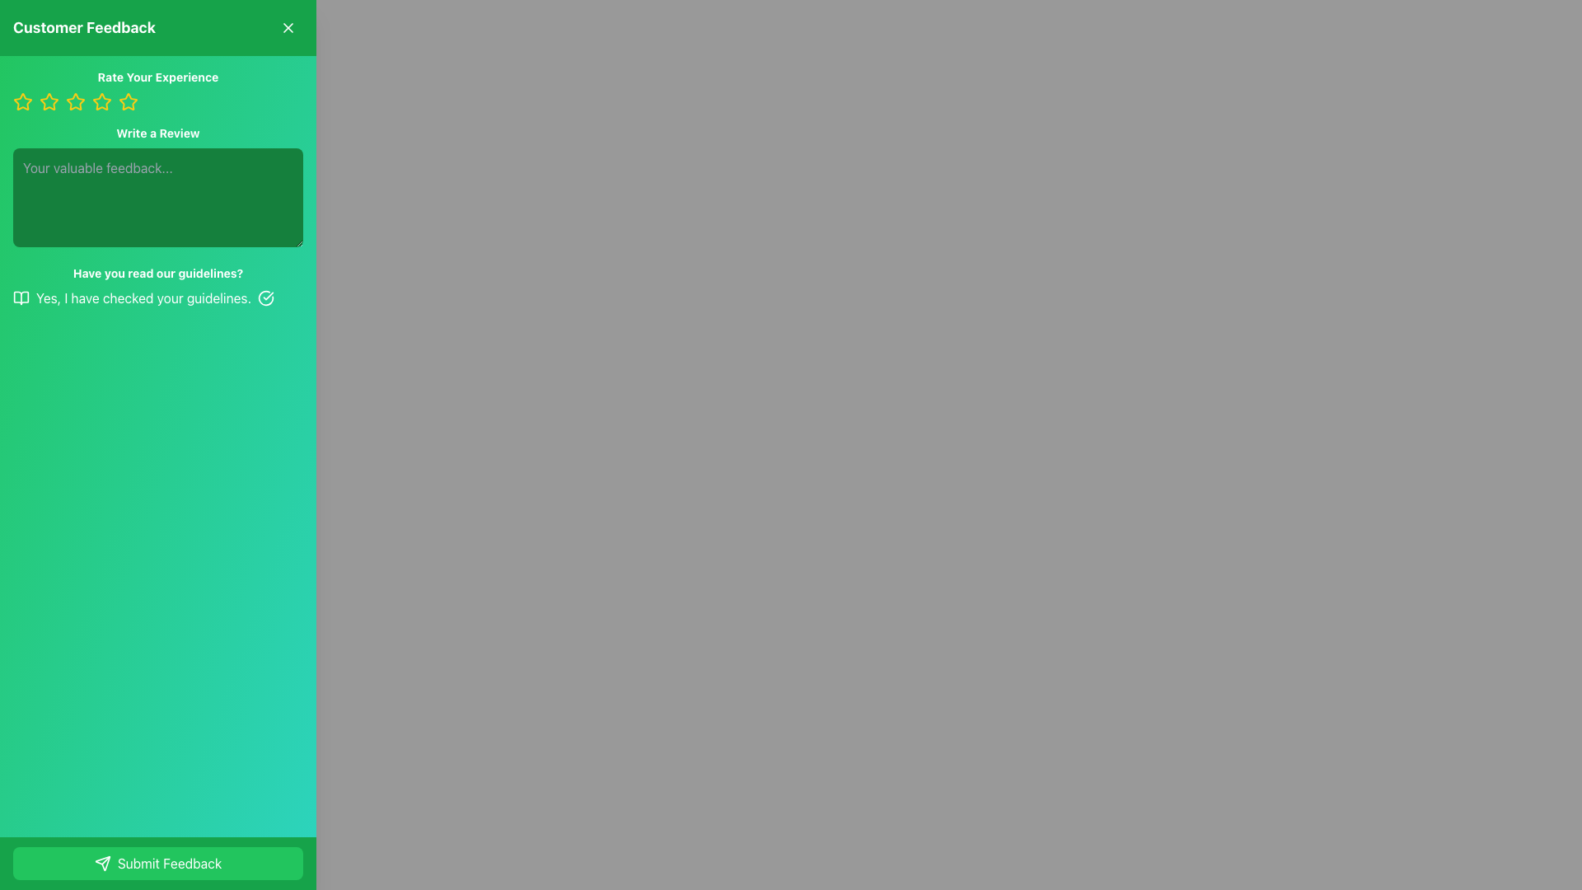 This screenshot has width=1582, height=890. Describe the element at coordinates (48, 101) in the screenshot. I see `the first star in the row of five stars under the heading 'Rate Your Experience'` at that location.